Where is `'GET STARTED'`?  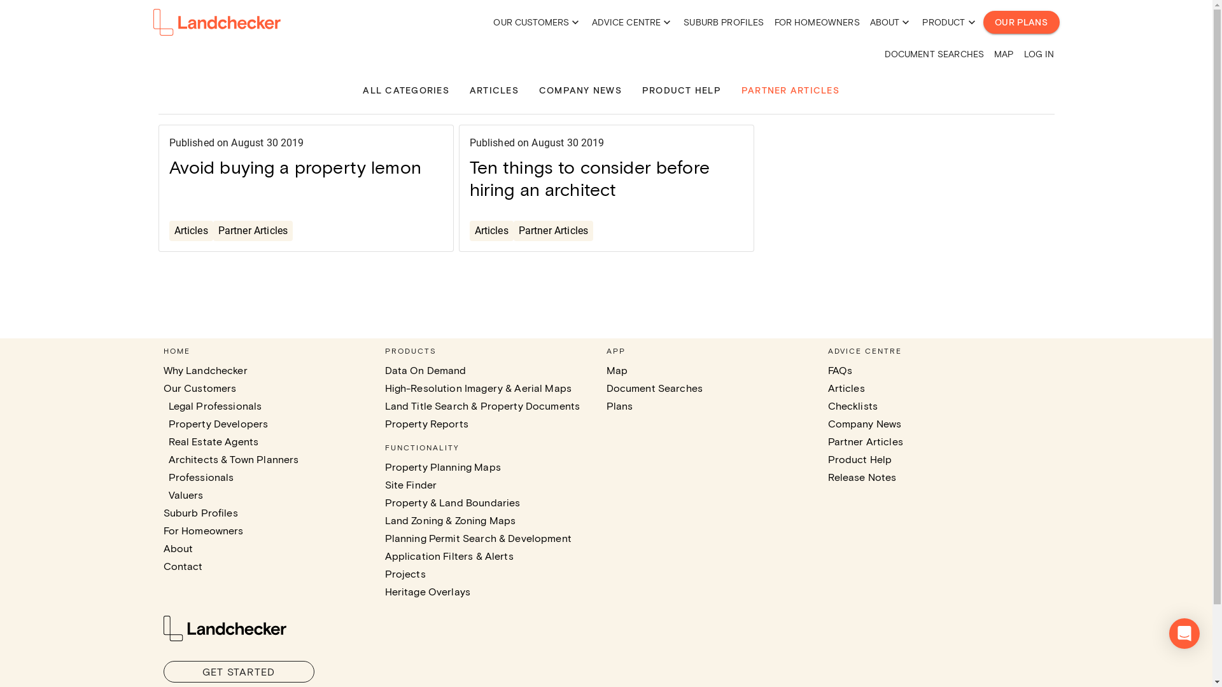 'GET STARTED' is located at coordinates (238, 671).